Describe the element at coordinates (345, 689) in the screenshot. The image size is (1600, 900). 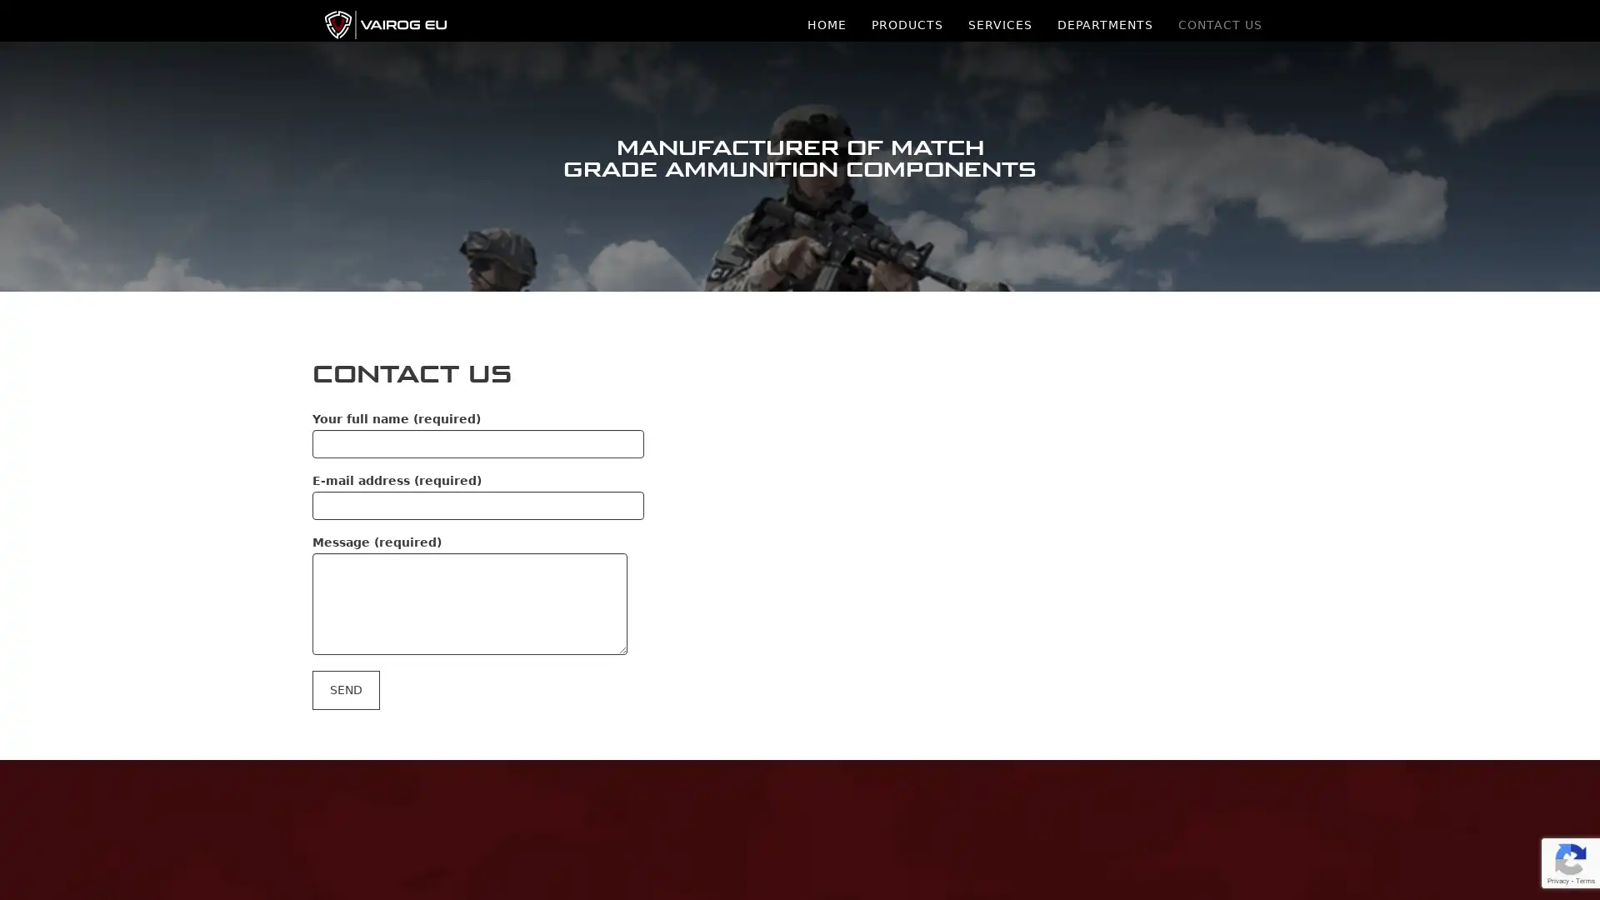
I see `Send` at that location.